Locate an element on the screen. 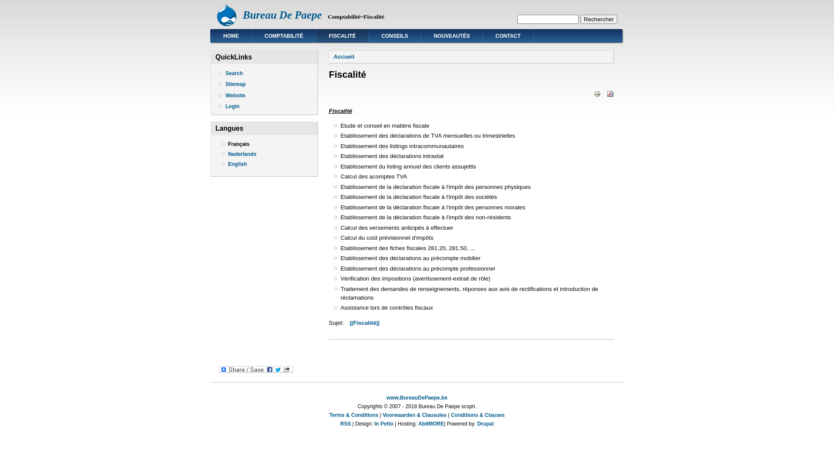 This screenshot has width=834, height=469. 'RSS' is located at coordinates (345, 423).